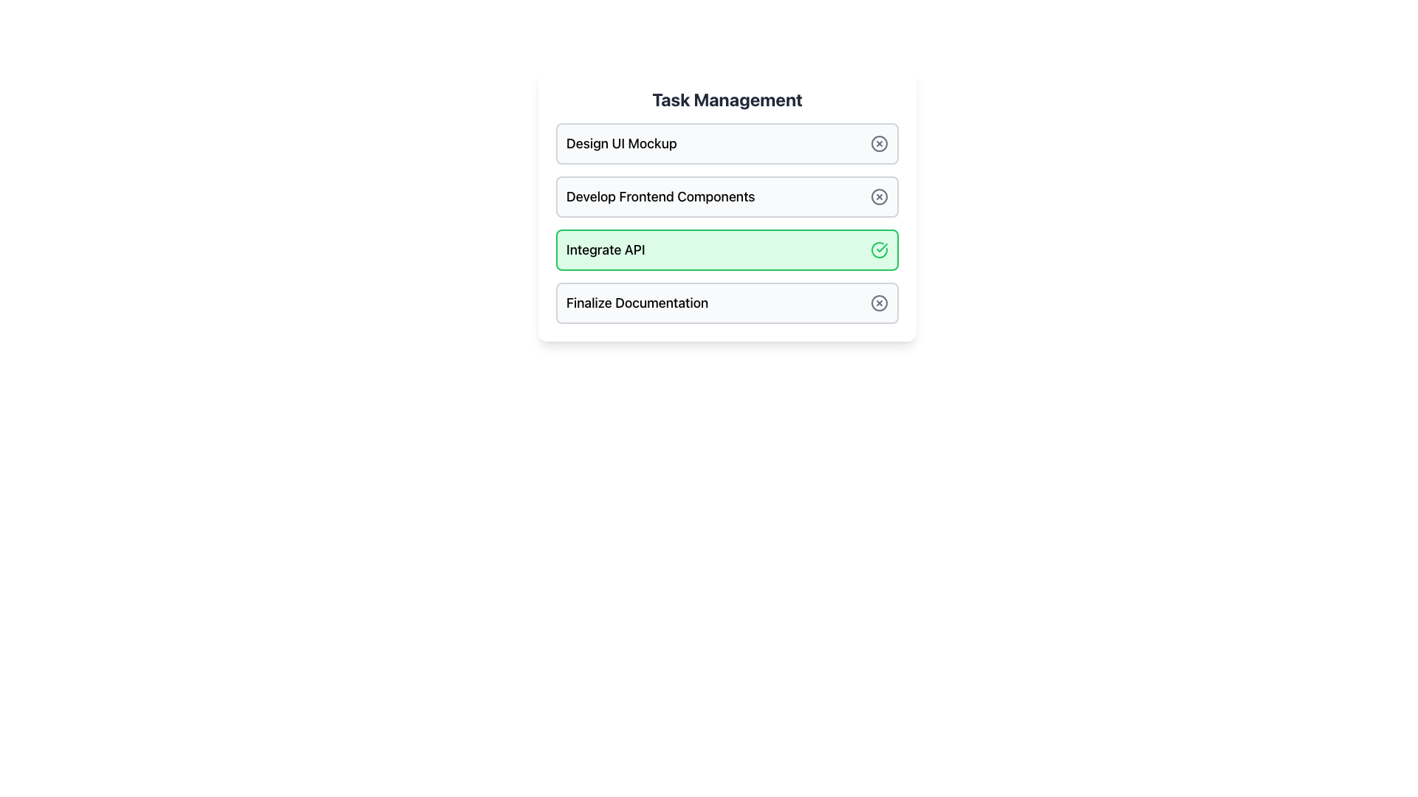  What do you see at coordinates (727, 303) in the screenshot?
I see `the fourth task item in the task management list` at bounding box center [727, 303].